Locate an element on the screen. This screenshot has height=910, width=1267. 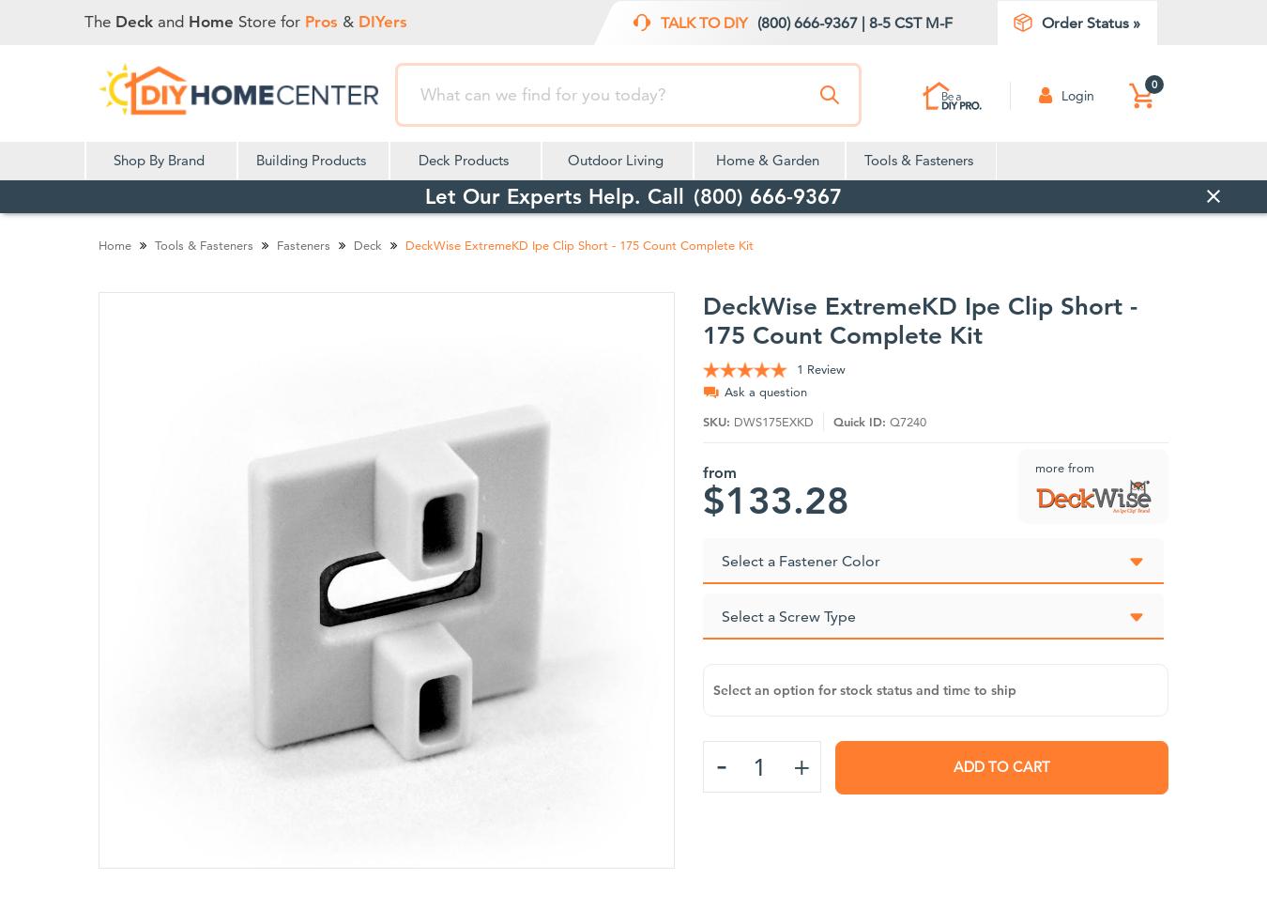
'Select an option for stock status and time to ship' is located at coordinates (862, 689).